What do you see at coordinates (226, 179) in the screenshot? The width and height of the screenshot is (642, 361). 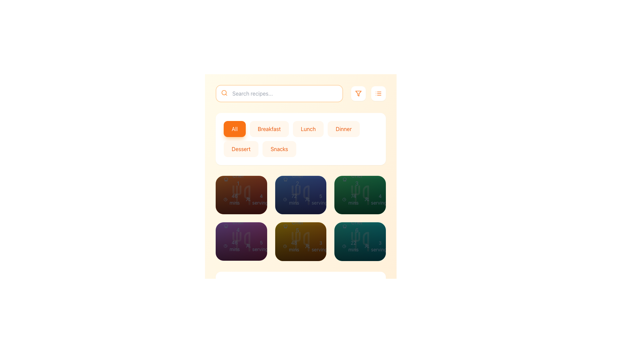 I see `the graphic icon in the top-left corner of the recipe card, which symbolizes a cooking-related feature` at bounding box center [226, 179].